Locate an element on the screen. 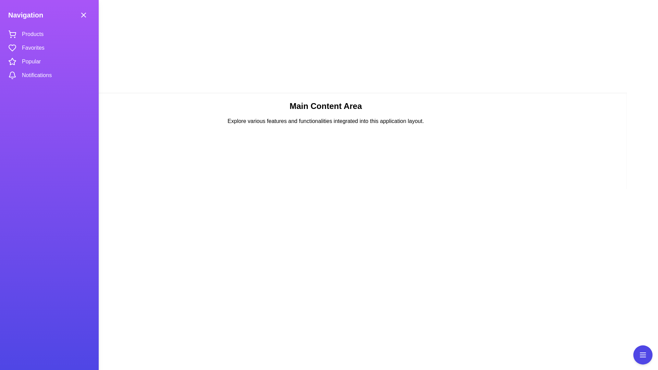 This screenshot has width=658, height=370. the navigation item Popular to navigate to the corresponding section is located at coordinates (32, 62).